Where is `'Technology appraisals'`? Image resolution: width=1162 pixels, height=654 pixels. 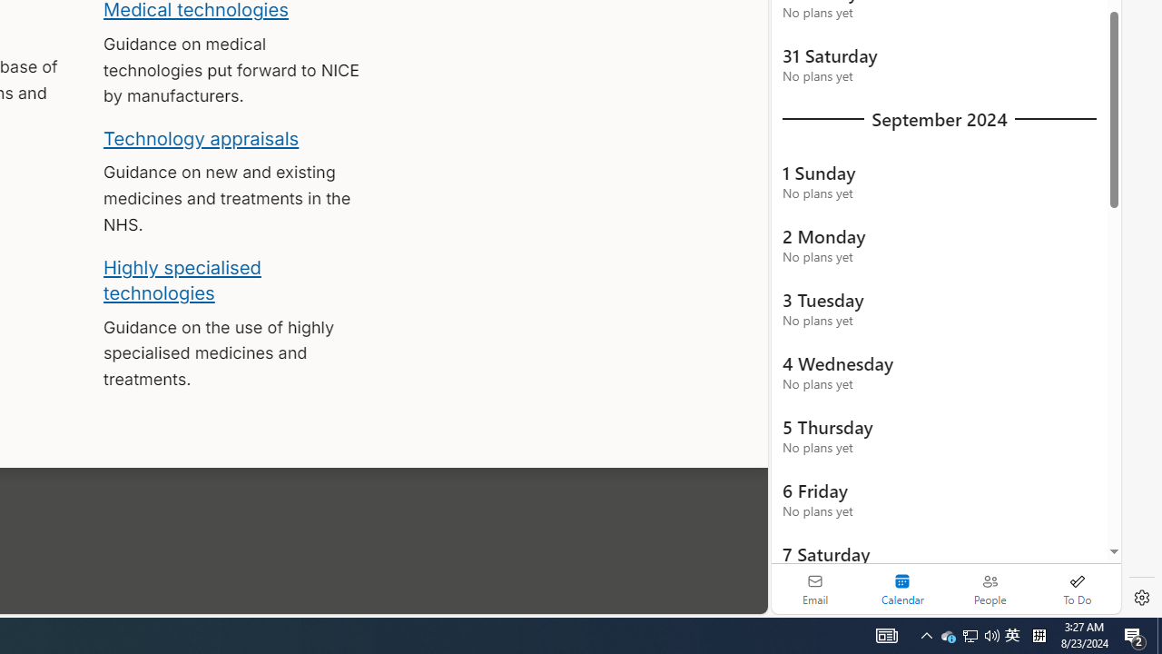
'Technology appraisals' is located at coordinates (202, 138).